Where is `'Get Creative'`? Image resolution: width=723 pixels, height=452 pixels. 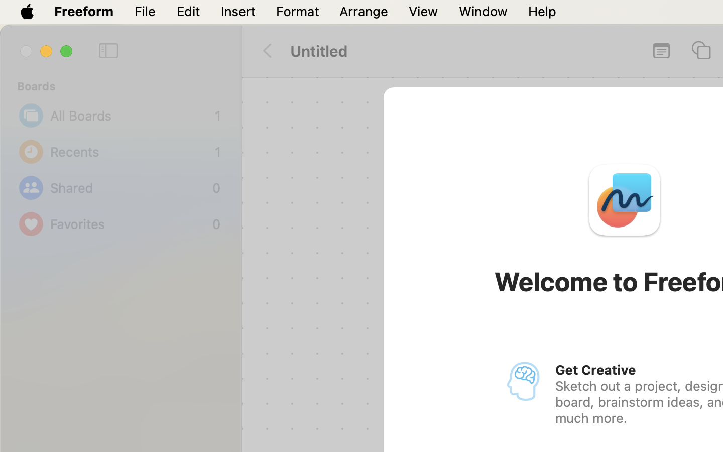 'Get Creative' is located at coordinates (595, 369).